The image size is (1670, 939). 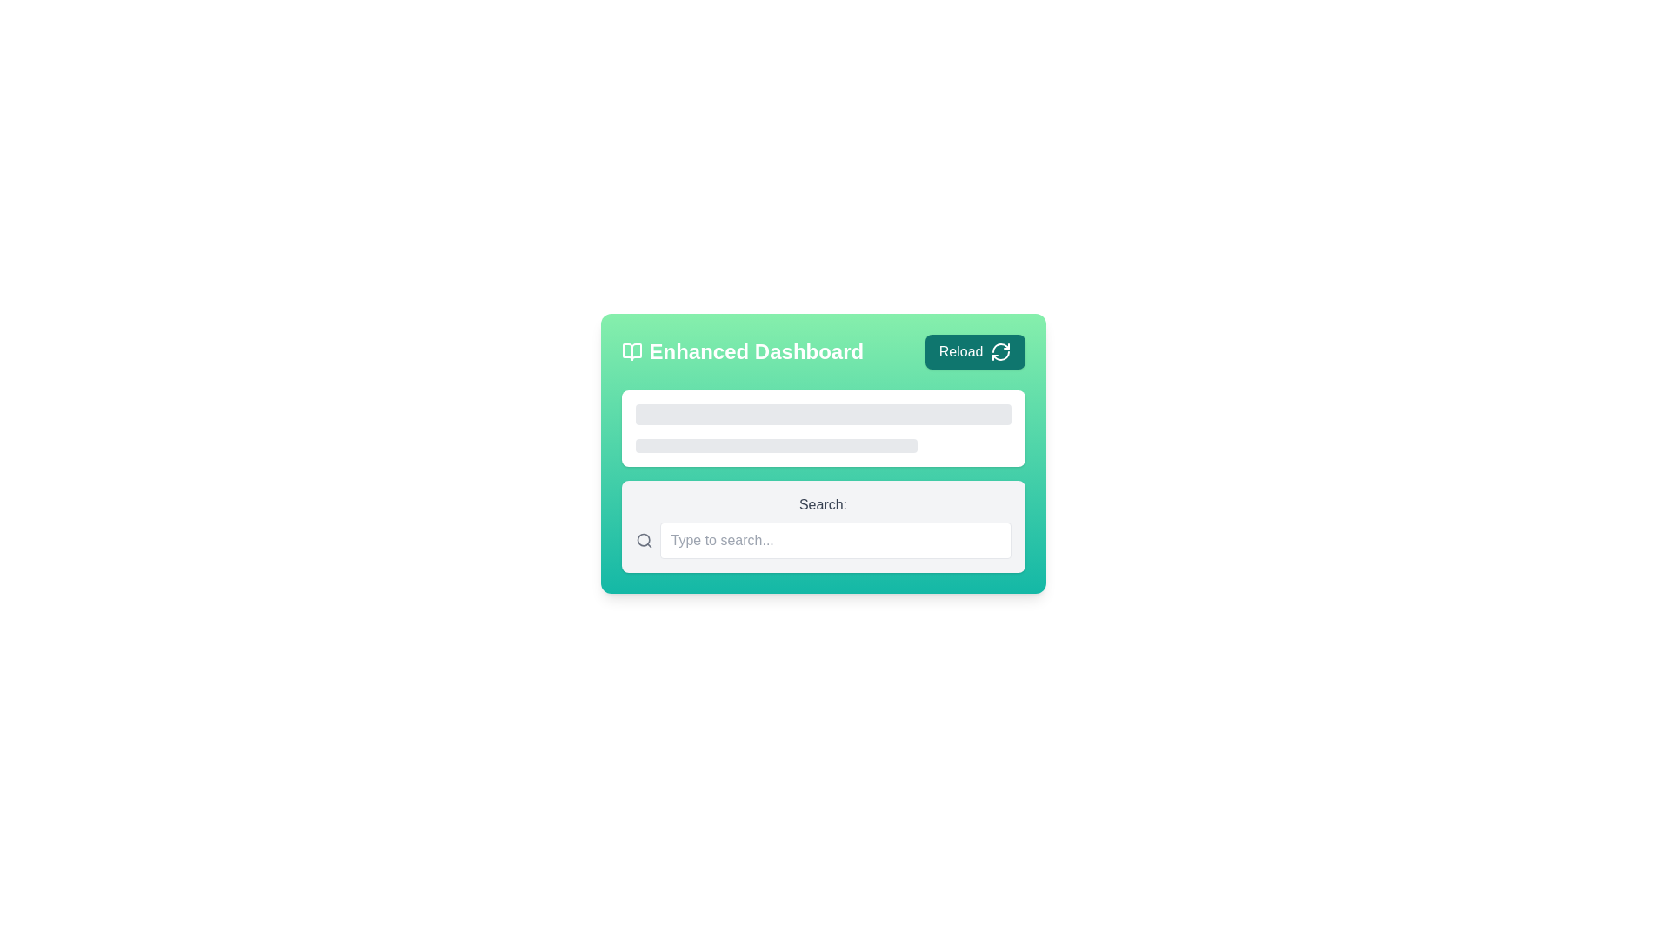 What do you see at coordinates (822, 525) in the screenshot?
I see `the input field of the composite search bar labeled 'Search:' to focus and type` at bounding box center [822, 525].